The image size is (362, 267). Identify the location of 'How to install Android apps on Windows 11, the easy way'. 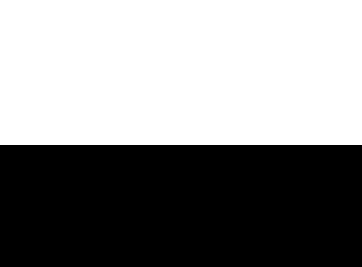
(223, 17).